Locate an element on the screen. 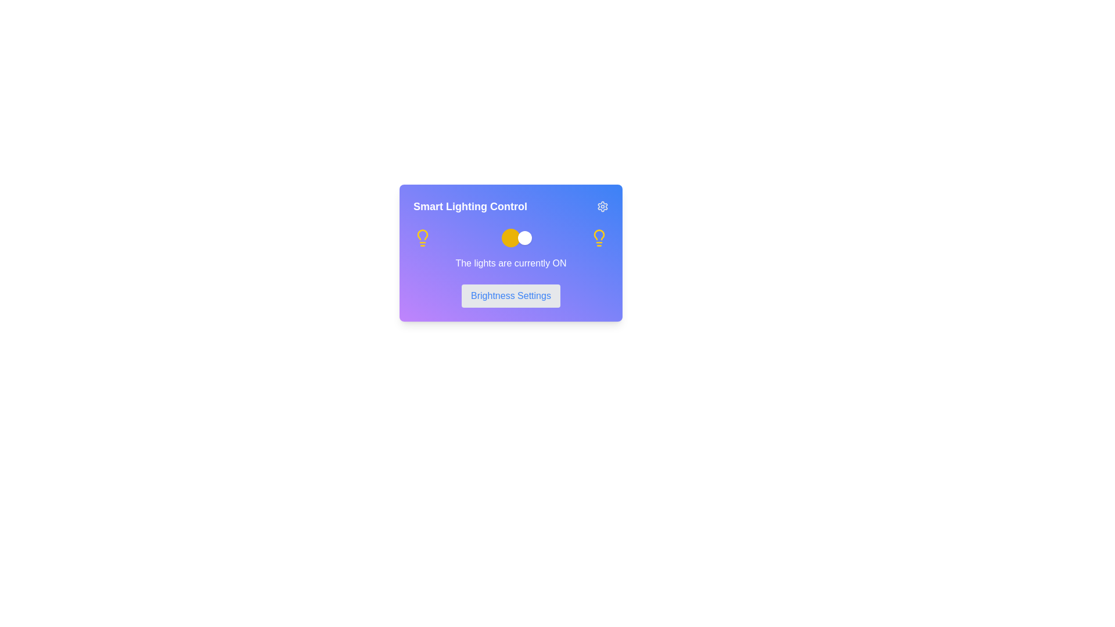 This screenshot has width=1115, height=627. the Text element that displays the current status of the lights, located beneath the toggle switch and light bulb icons, and above the 'Brightness Settings' button is located at coordinates (510, 264).